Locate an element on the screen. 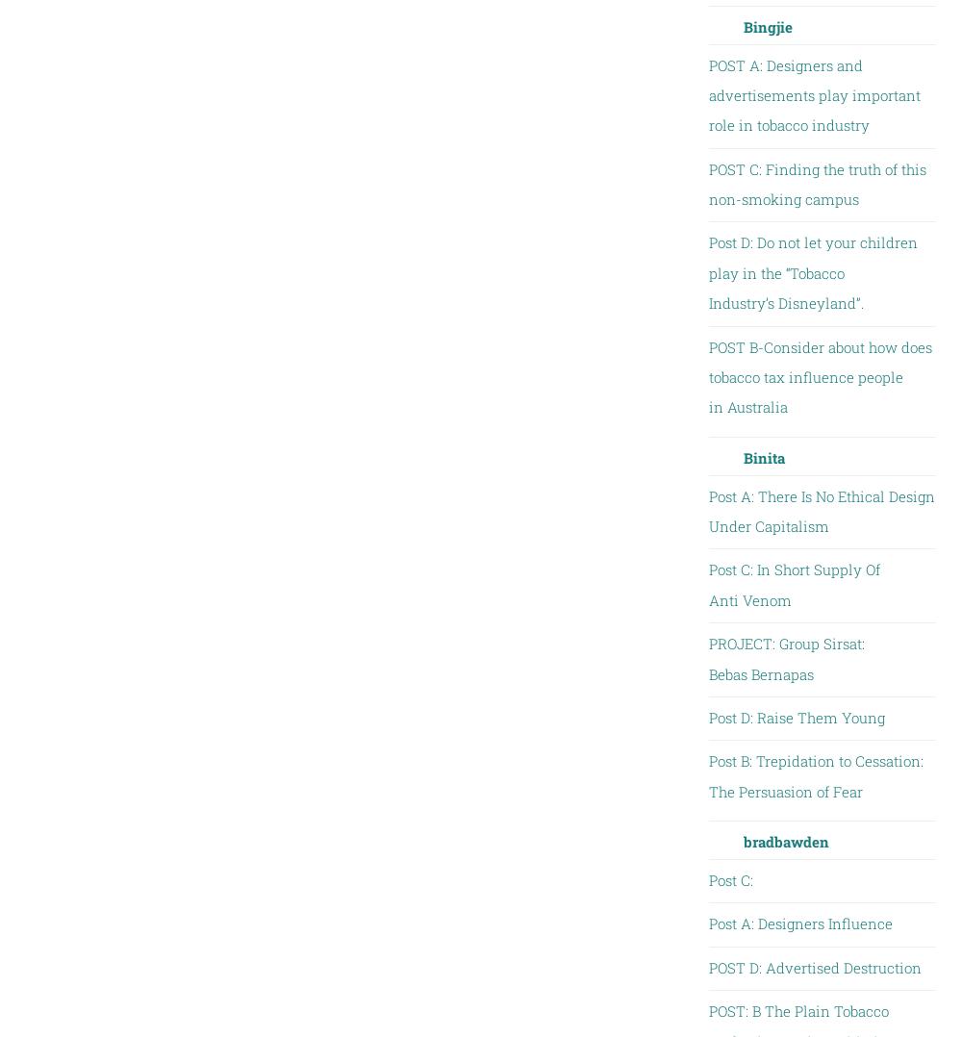 The width and height of the screenshot is (962, 1037). 'Post C:' is located at coordinates (707, 880).